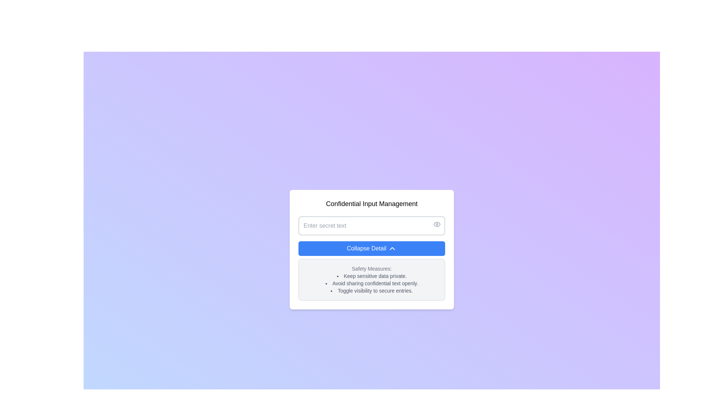 Image resolution: width=704 pixels, height=396 pixels. I want to click on the Information display panel with a light-gray background and the header 'Safety Measures:', which is located below the 'Collapse Detail' button, so click(371, 280).